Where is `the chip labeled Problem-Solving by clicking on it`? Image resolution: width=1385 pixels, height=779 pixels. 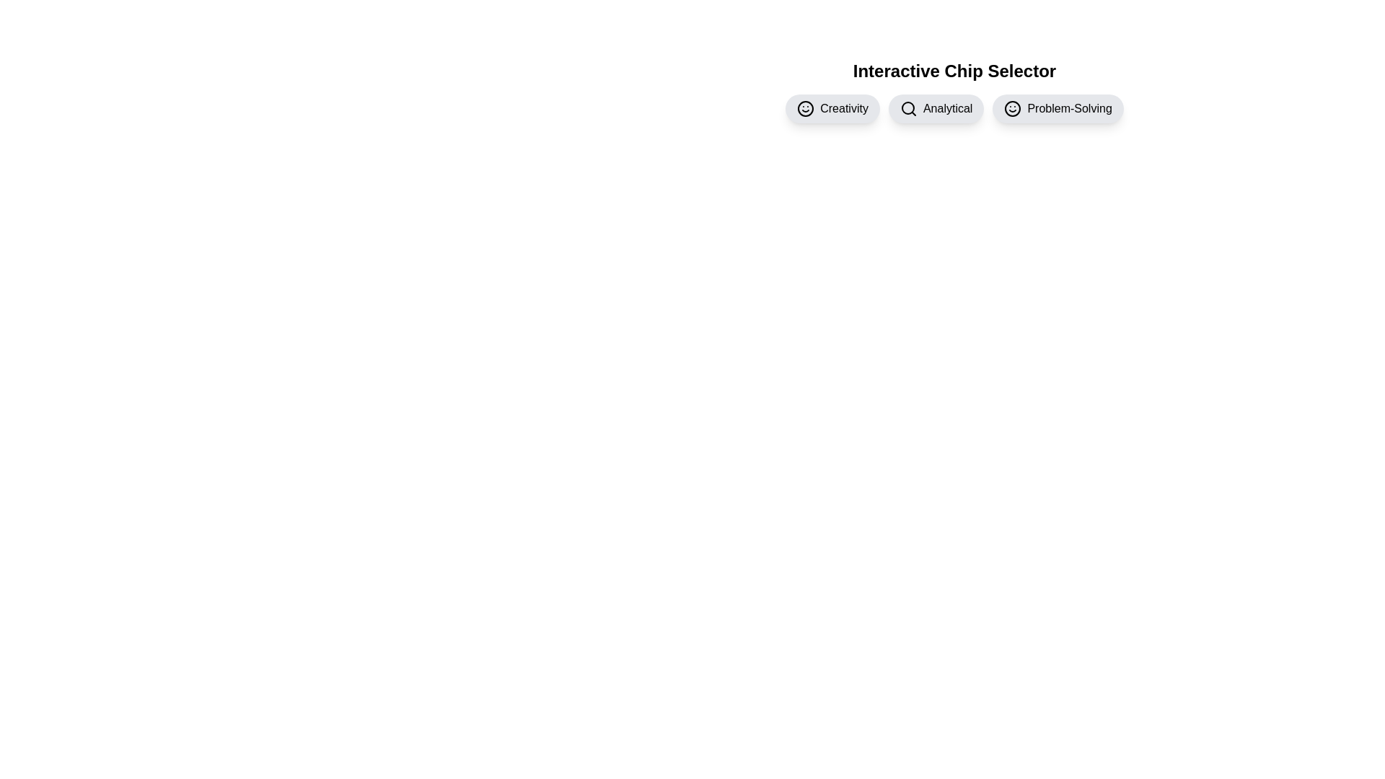 the chip labeled Problem-Solving by clicking on it is located at coordinates (1058, 107).